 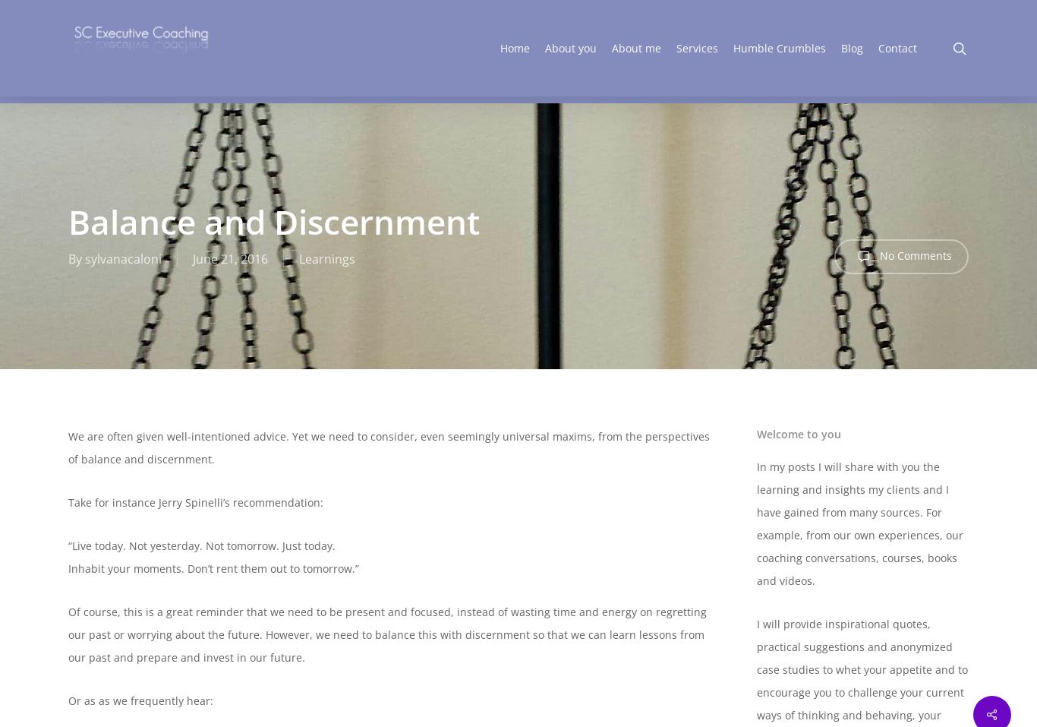 What do you see at coordinates (798, 434) in the screenshot?
I see `'Welcome to you'` at bounding box center [798, 434].